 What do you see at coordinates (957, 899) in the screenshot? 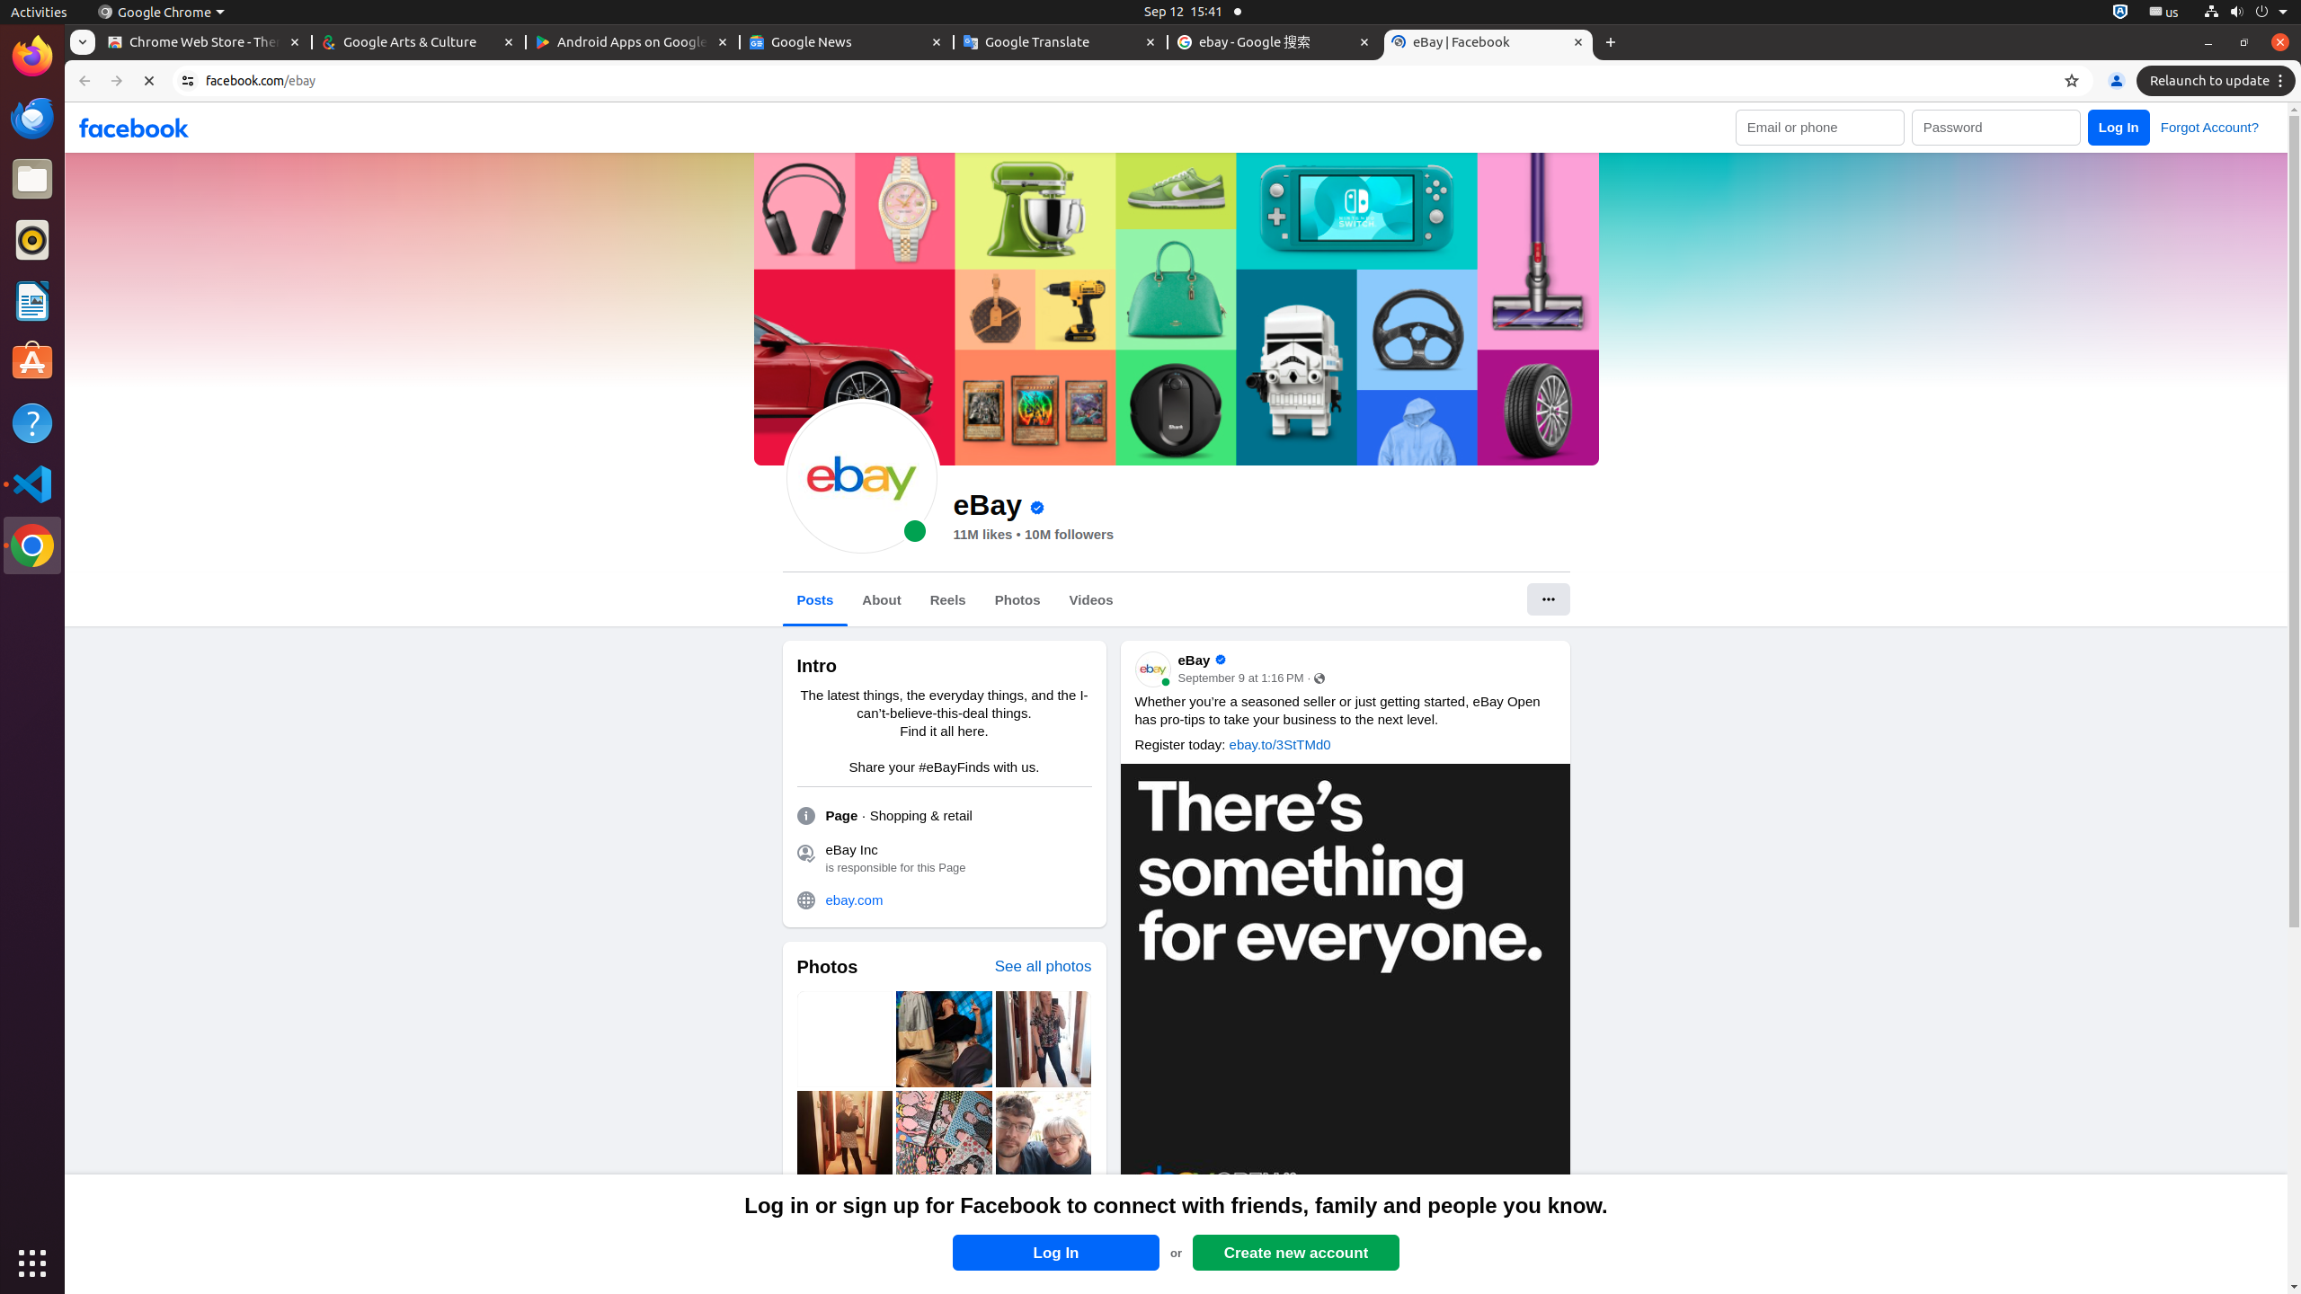
I see `'ebay.com'` at bounding box center [957, 899].